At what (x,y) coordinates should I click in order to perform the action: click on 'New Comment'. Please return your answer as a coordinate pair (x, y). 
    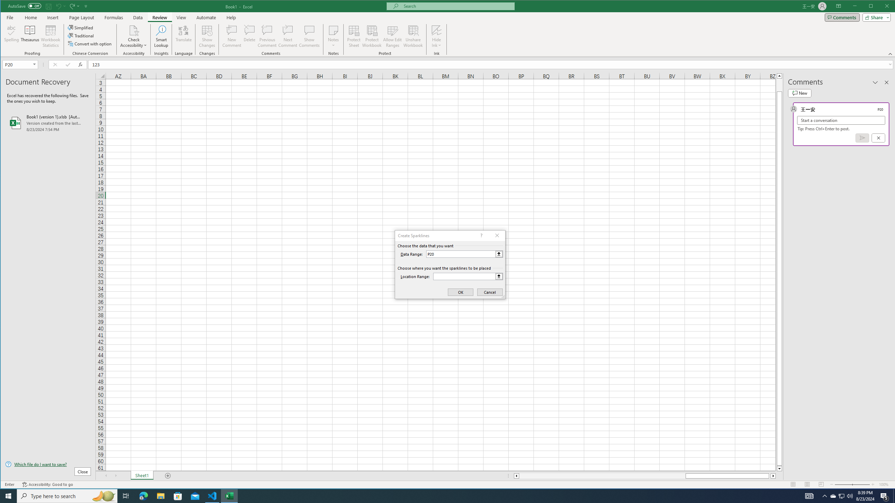
    Looking at the image, I should click on (232, 36).